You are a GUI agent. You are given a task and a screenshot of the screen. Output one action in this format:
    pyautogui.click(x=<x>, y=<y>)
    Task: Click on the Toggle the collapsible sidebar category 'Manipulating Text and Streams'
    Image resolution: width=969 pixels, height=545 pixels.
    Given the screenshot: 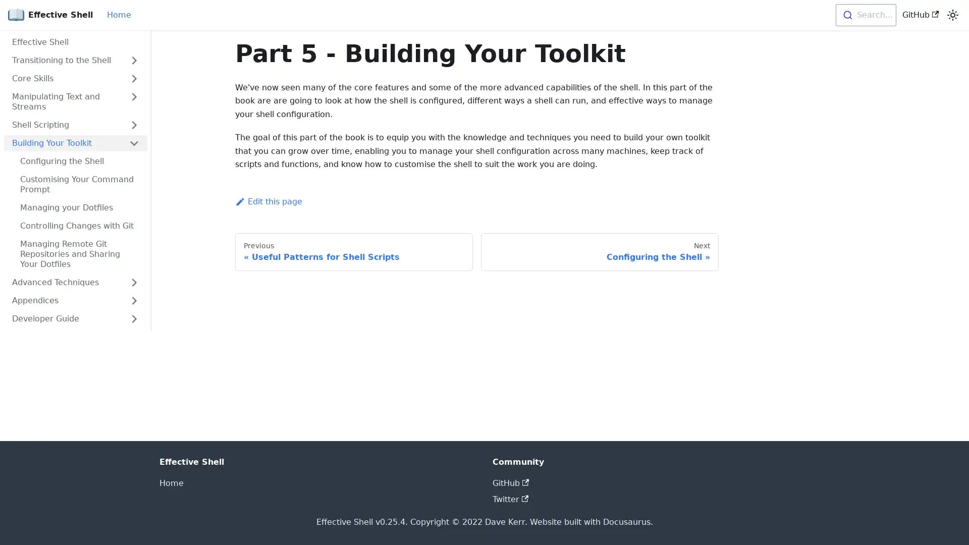 What is the action you would take?
    pyautogui.click(x=133, y=101)
    